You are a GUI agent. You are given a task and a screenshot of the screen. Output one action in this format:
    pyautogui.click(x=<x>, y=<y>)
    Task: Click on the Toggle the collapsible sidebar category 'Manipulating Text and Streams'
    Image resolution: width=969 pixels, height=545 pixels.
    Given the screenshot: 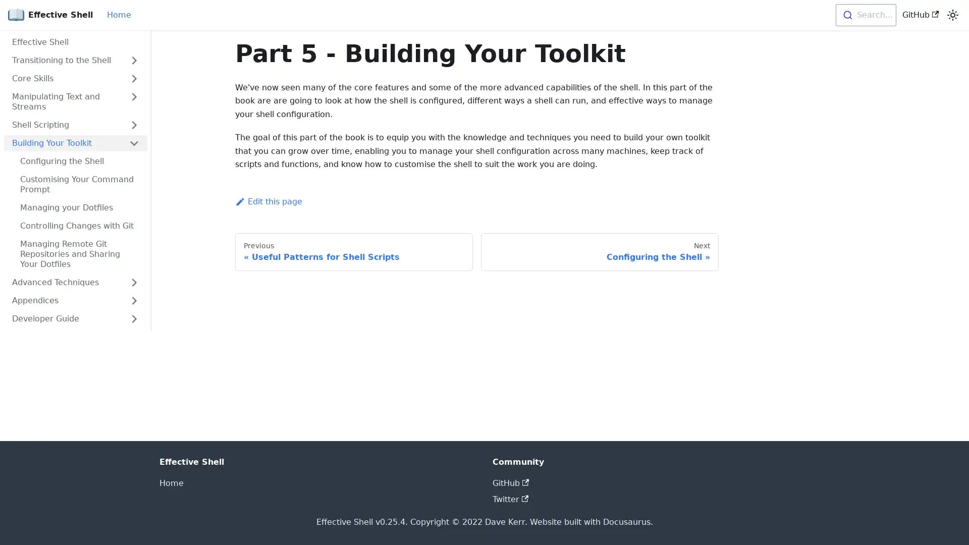 What is the action you would take?
    pyautogui.click(x=133, y=101)
    